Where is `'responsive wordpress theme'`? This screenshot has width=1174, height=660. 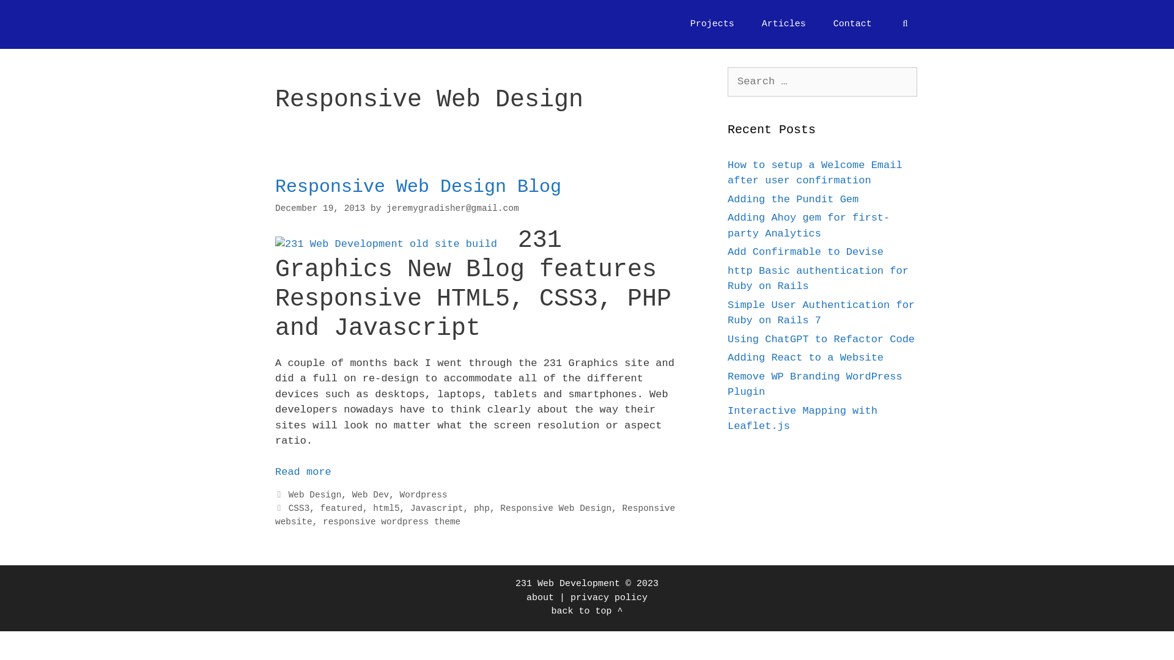
'responsive wordpress theme' is located at coordinates (391, 521).